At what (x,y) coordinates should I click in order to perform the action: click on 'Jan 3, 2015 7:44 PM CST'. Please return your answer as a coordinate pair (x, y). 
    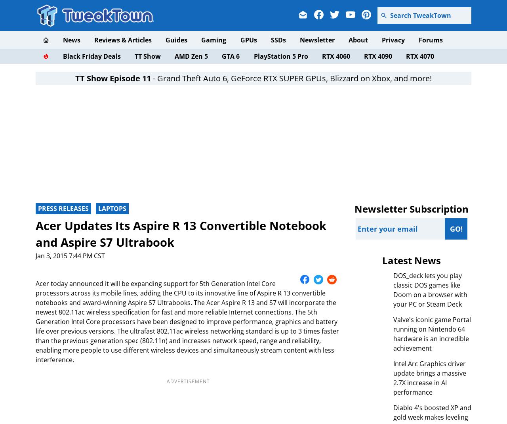
    Looking at the image, I should click on (70, 255).